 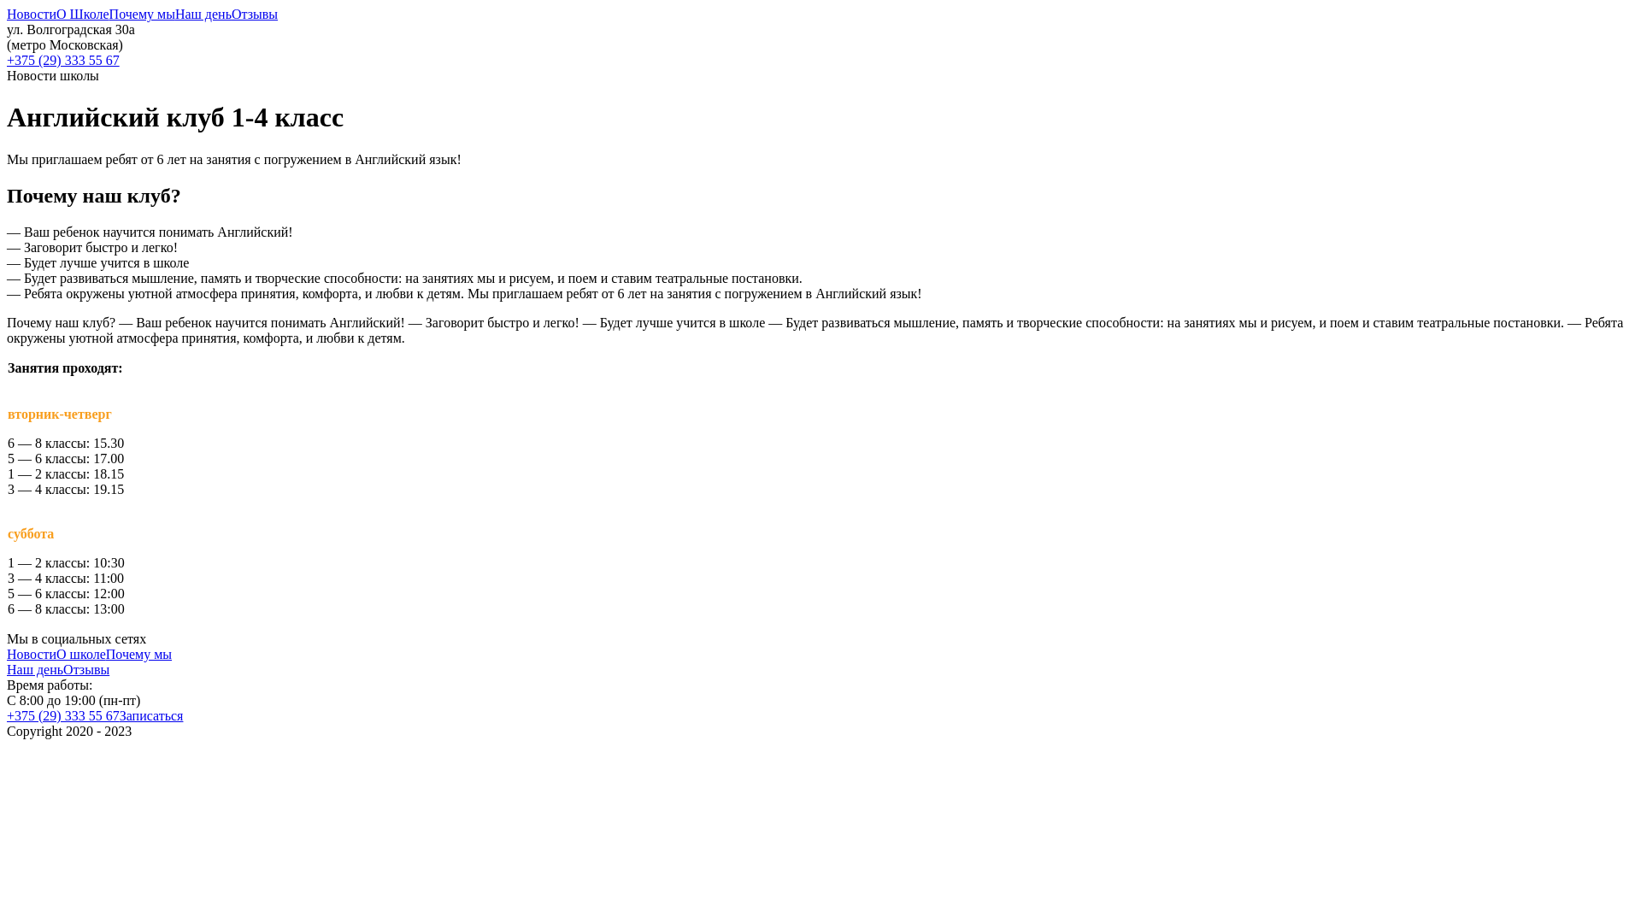 I want to click on '+375 (29) 333 55 67', so click(x=820, y=59).